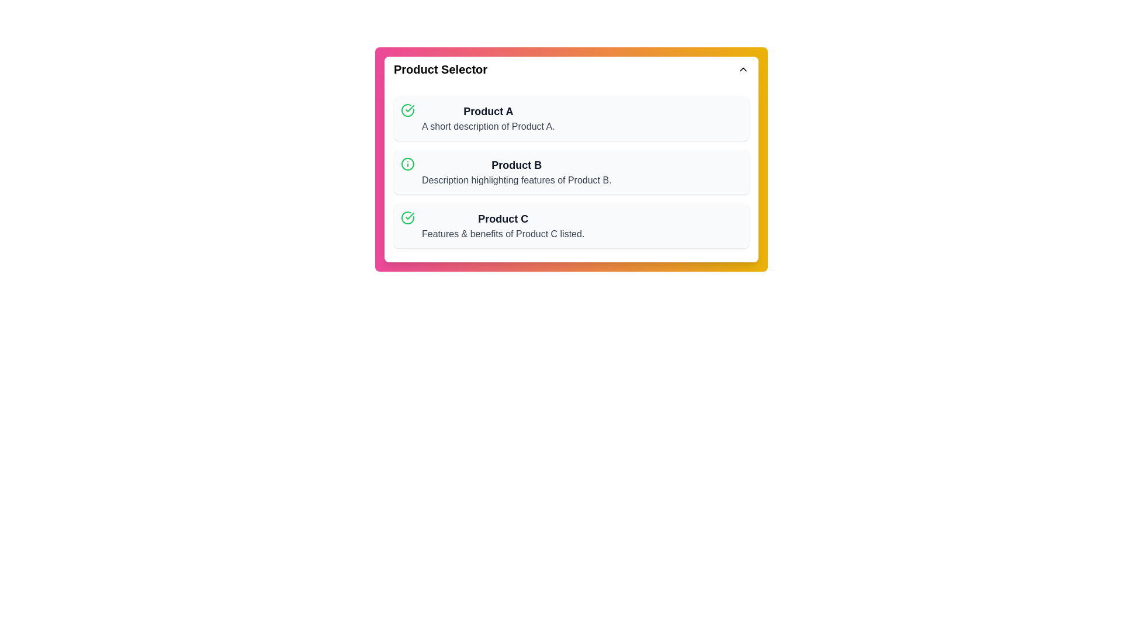 This screenshot has width=1122, height=631. I want to click on the description of Product A to read its details, so click(488, 119).